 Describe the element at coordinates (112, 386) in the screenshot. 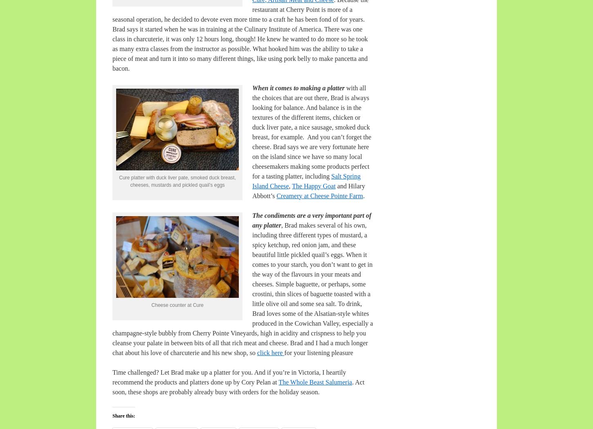

I see `'. Act soon, these shops are probably already busy with orders for the holiday season.'` at that location.